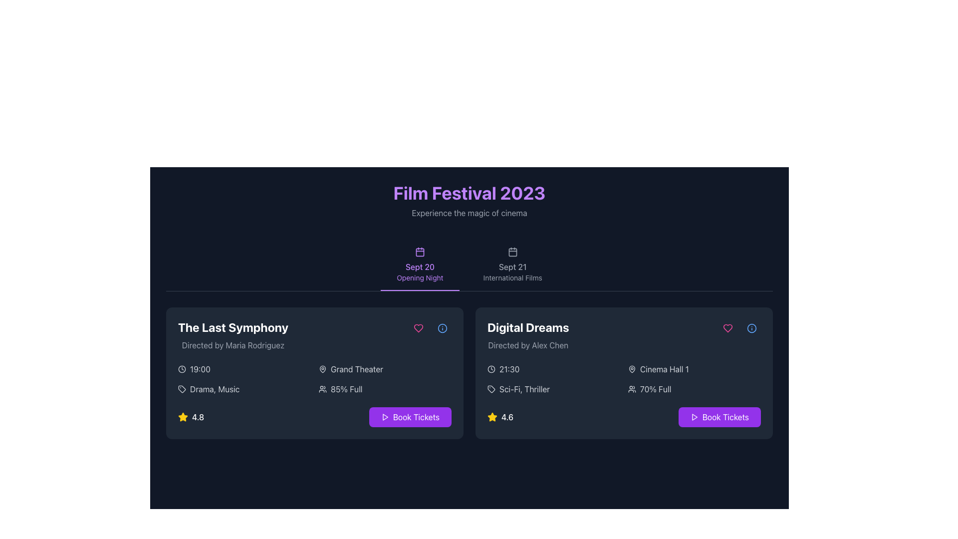 Image resolution: width=958 pixels, height=539 pixels. What do you see at coordinates (233, 335) in the screenshot?
I see `title and subtitle text from the text block located at the top left corner of the left card, which identifies the film and its creator` at bounding box center [233, 335].